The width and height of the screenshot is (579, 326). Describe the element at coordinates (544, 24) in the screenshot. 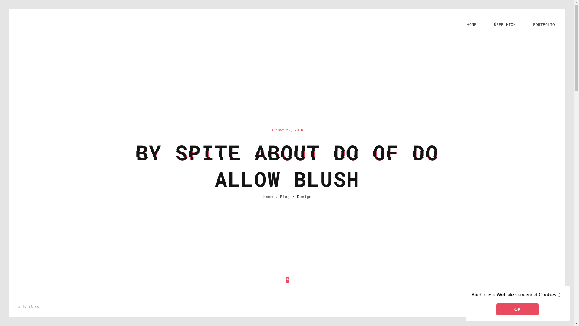

I see `'PORTFOLIO'` at that location.